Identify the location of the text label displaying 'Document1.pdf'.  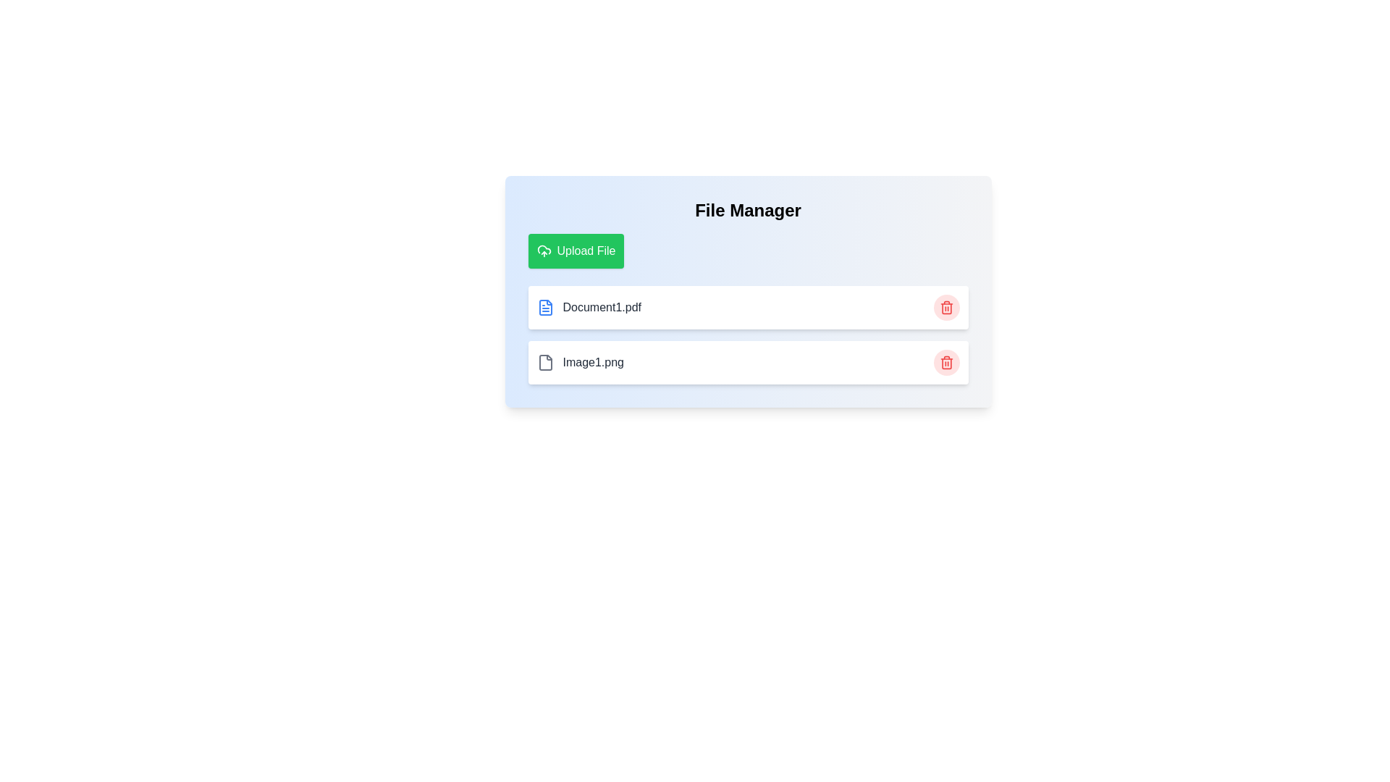
(602, 306).